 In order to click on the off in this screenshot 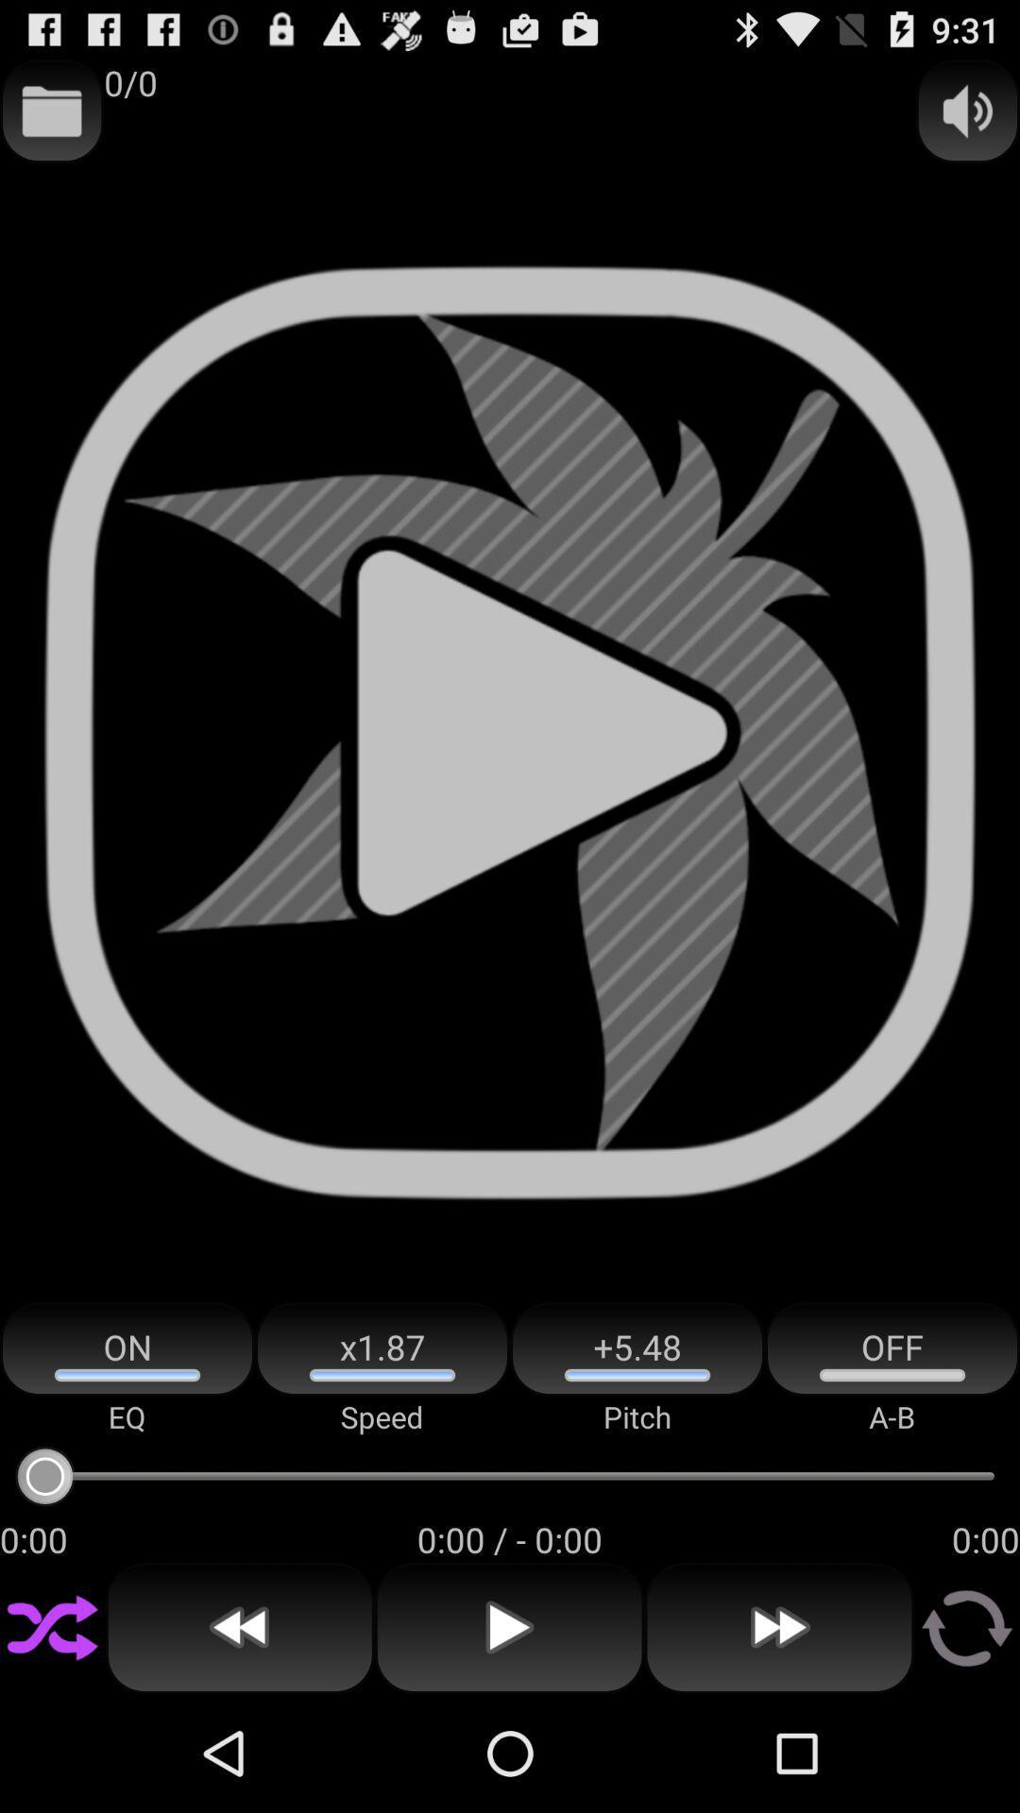, I will do `click(892, 1348)`.